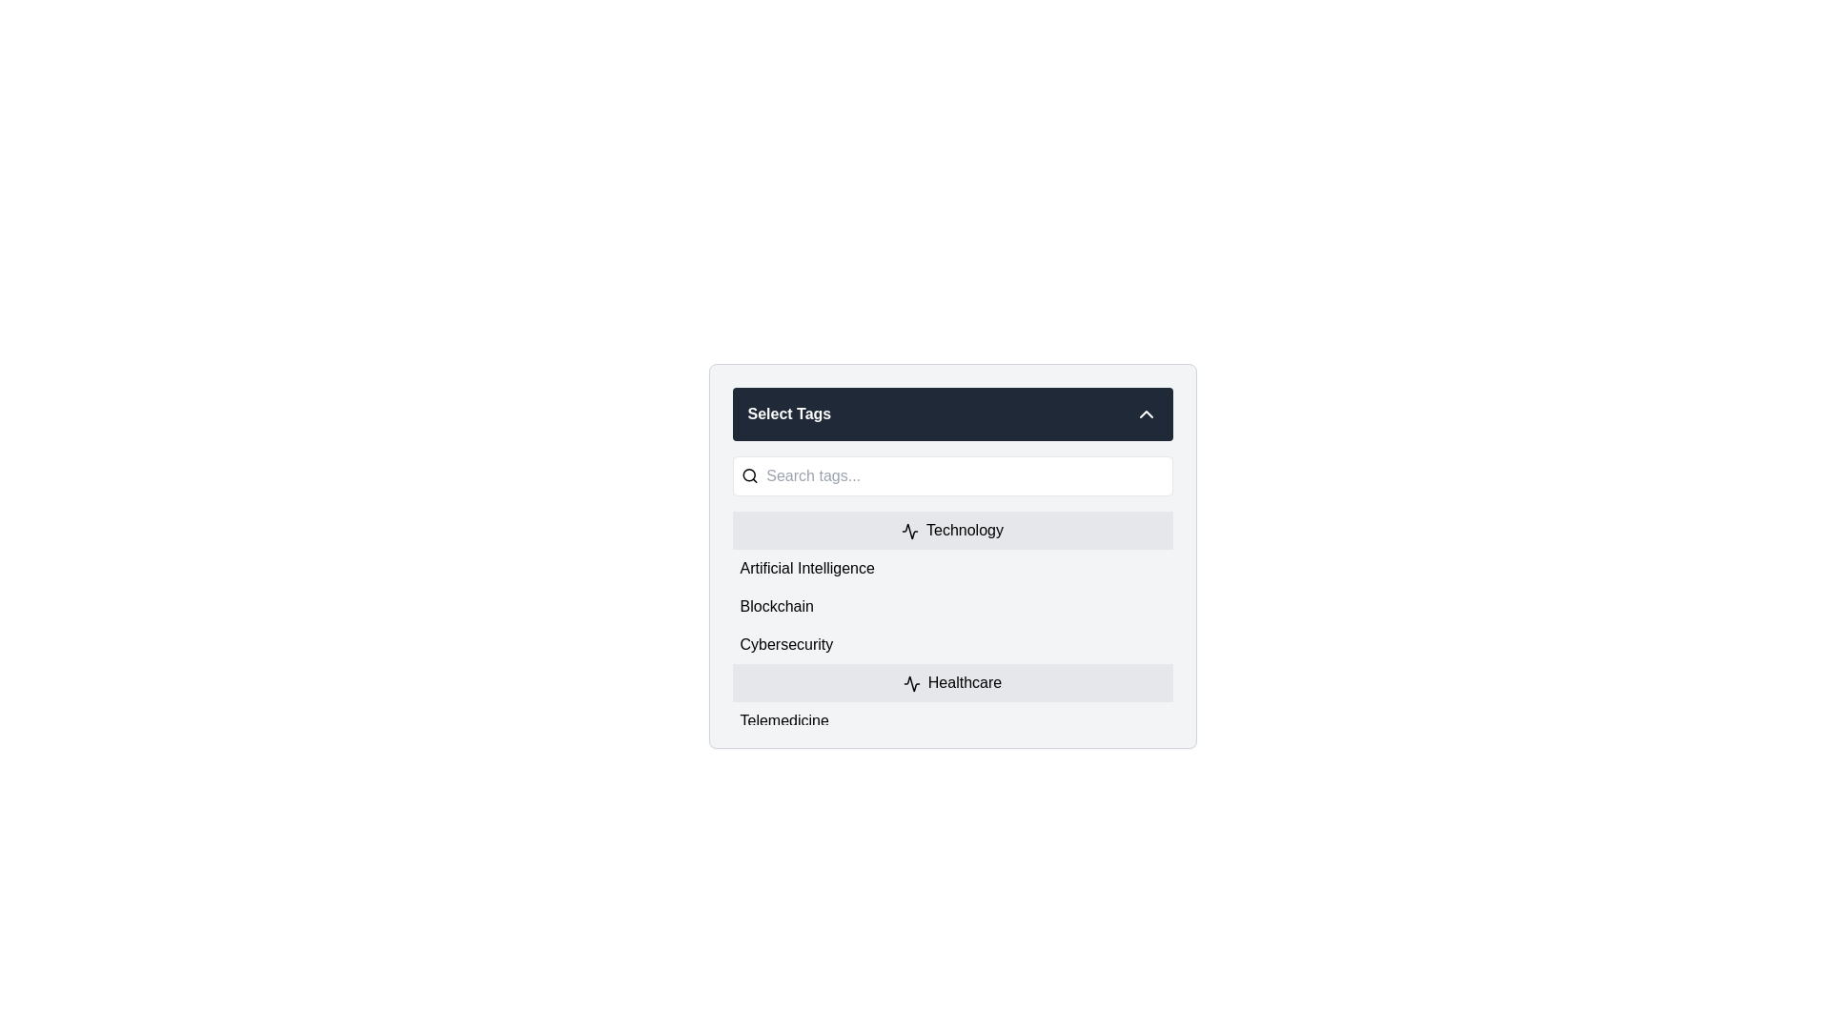 The image size is (1830, 1029). I want to click on the first item in the 'Technology' category labeled 'Artificial Intelligence' in the selectable list, so click(952, 568).